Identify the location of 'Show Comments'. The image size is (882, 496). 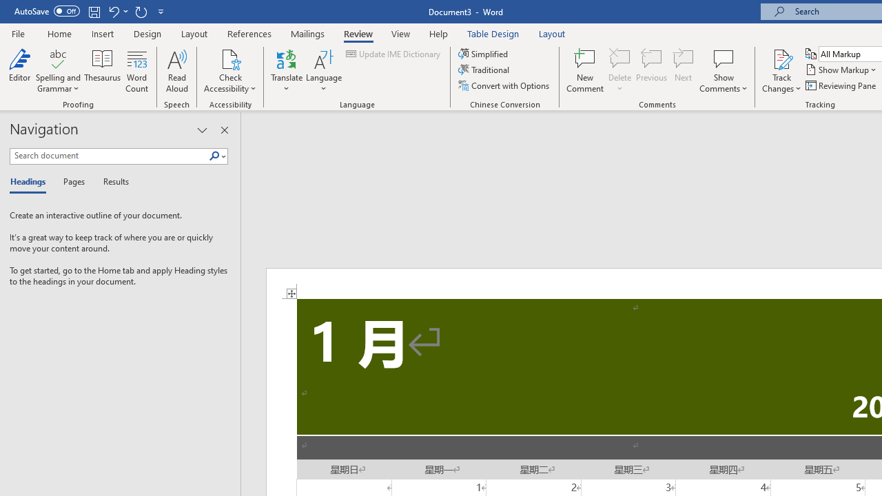
(723, 71).